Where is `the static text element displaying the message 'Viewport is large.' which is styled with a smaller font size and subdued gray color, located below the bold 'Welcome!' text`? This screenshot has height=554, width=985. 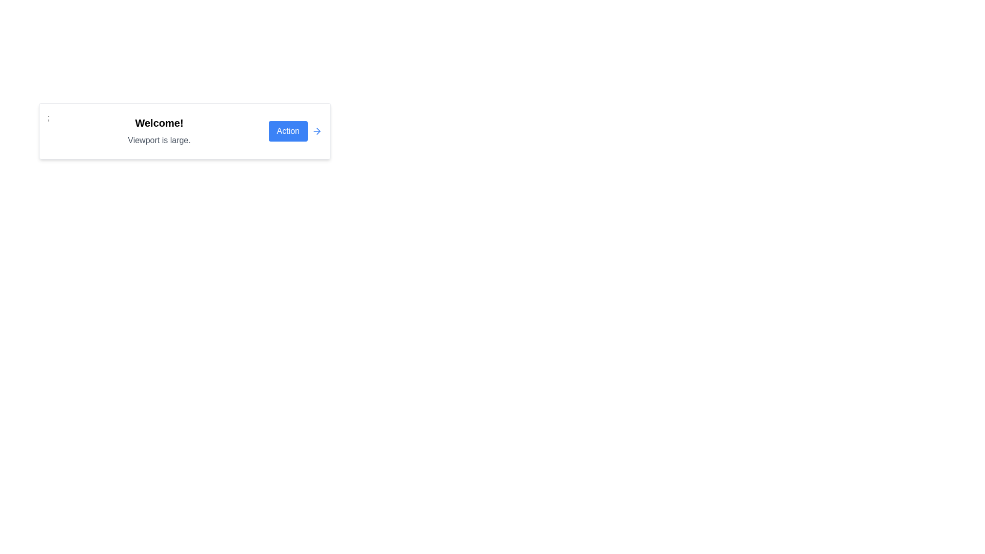
the static text element displaying the message 'Viewport is large.' which is styled with a smaller font size and subdued gray color, located below the bold 'Welcome!' text is located at coordinates (159, 140).